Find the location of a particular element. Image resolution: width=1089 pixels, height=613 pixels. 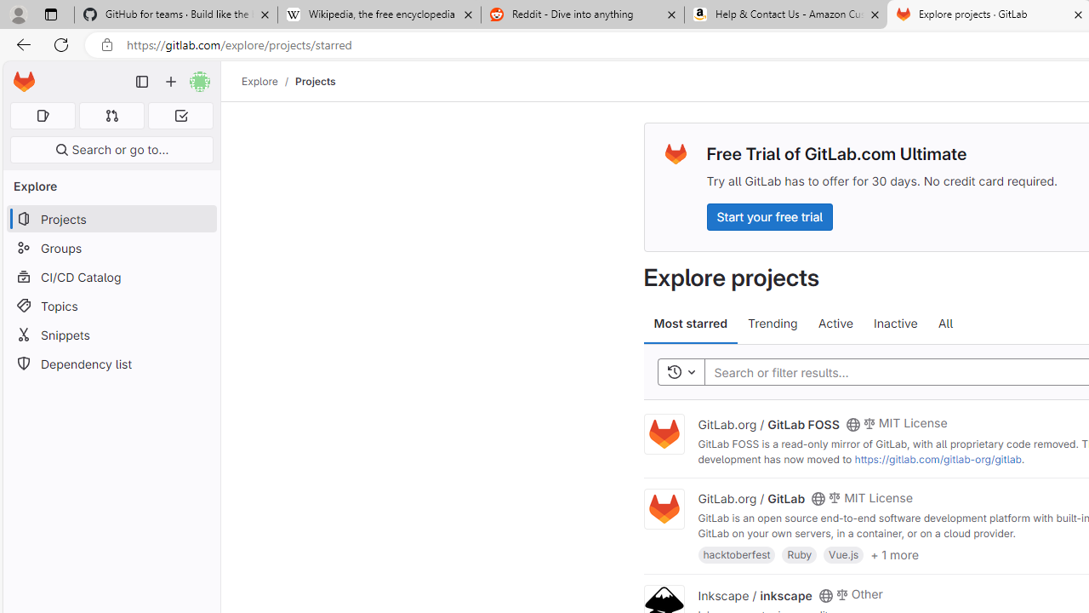

'Toggle history' is located at coordinates (681, 371).